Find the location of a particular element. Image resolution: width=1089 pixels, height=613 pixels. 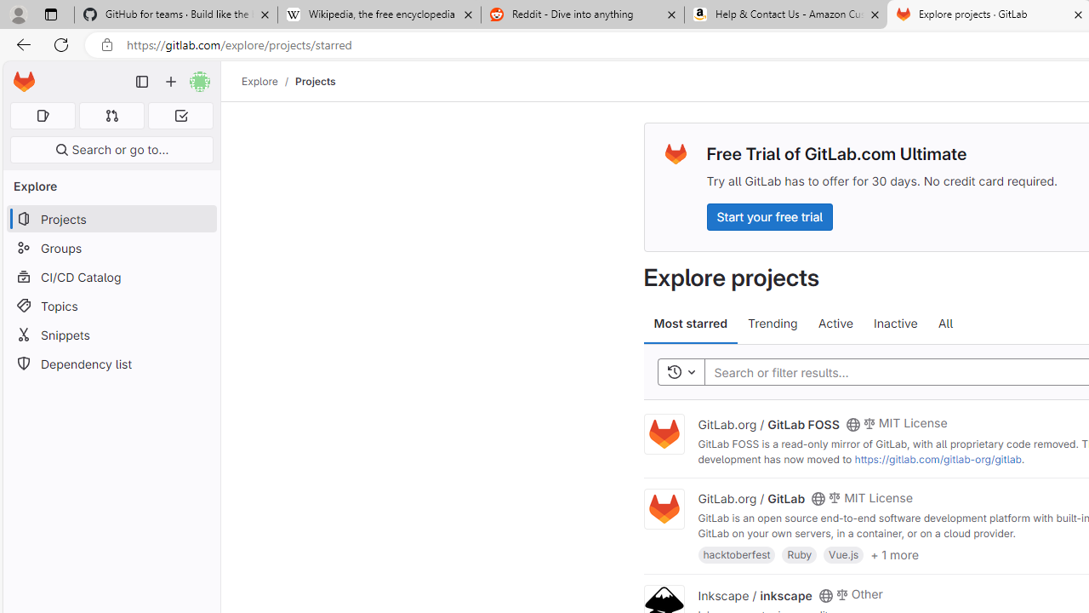

'Toggle history' is located at coordinates (681, 371).